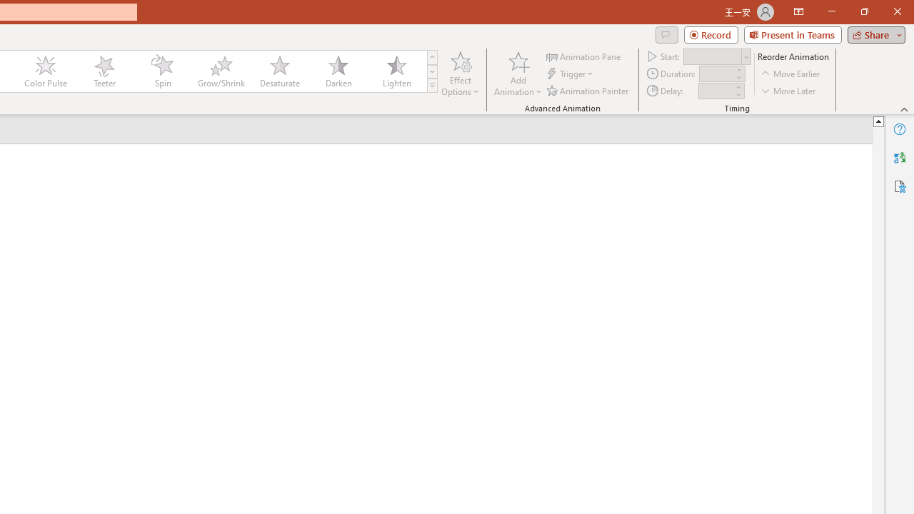 The image size is (914, 514). What do you see at coordinates (738, 94) in the screenshot?
I see `'Less'` at bounding box center [738, 94].